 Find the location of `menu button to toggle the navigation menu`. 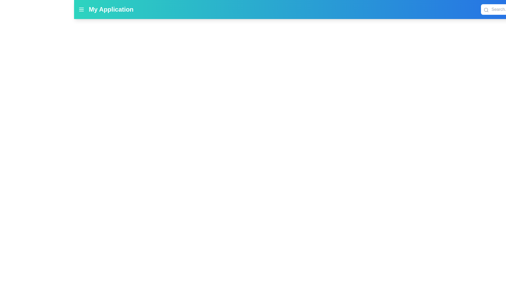

menu button to toggle the navigation menu is located at coordinates (81, 9).